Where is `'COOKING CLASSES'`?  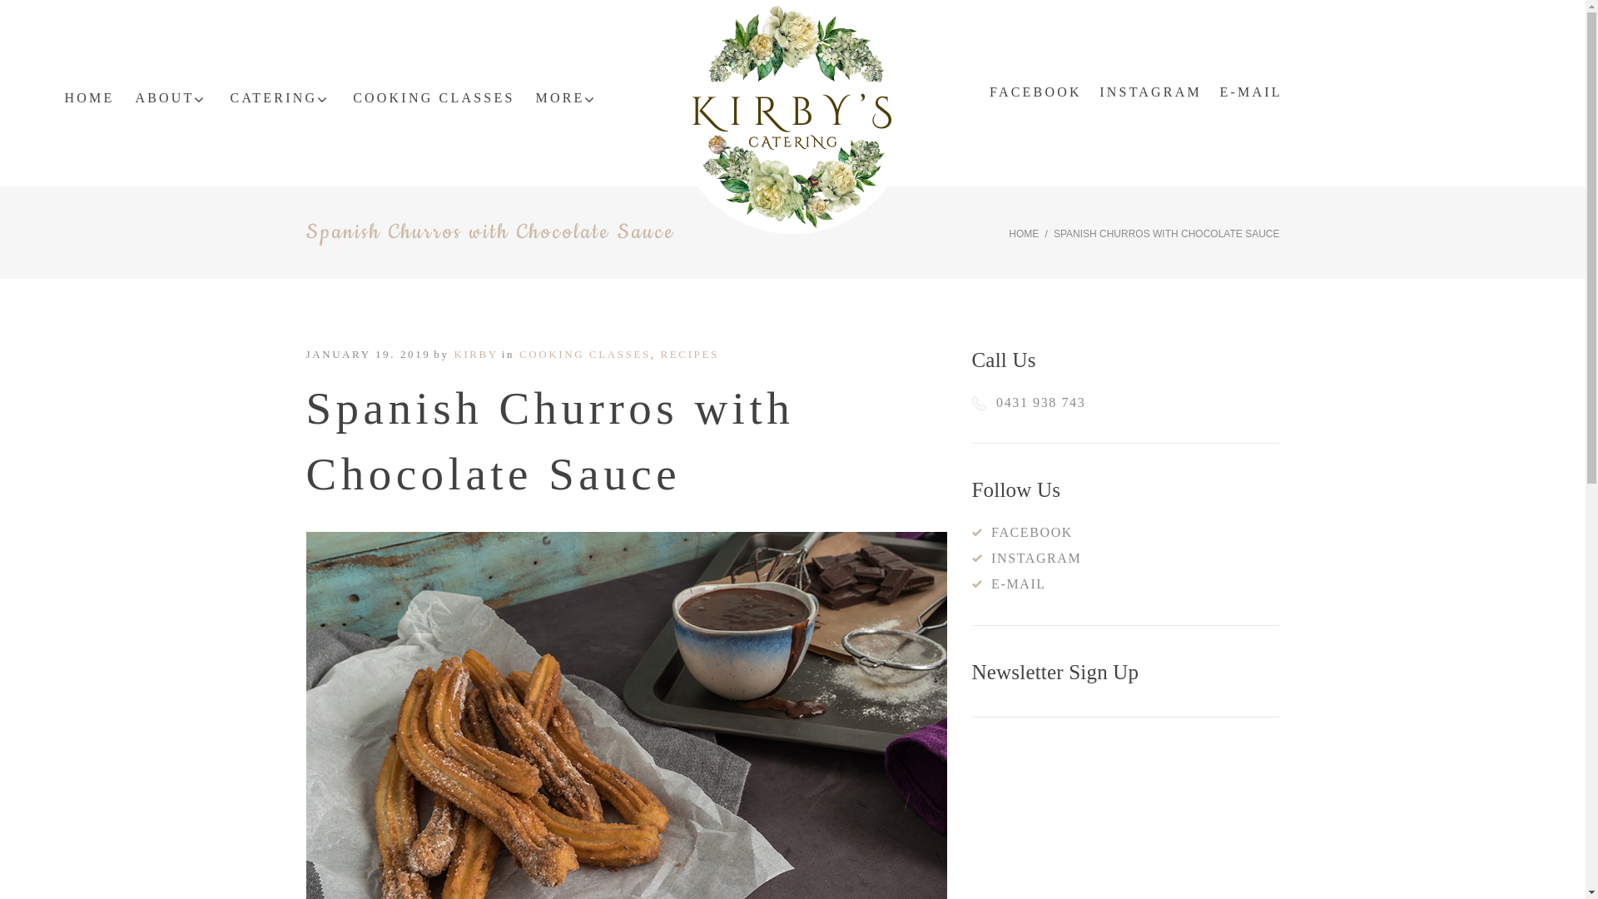
'COOKING CLASSES' is located at coordinates (584, 353).